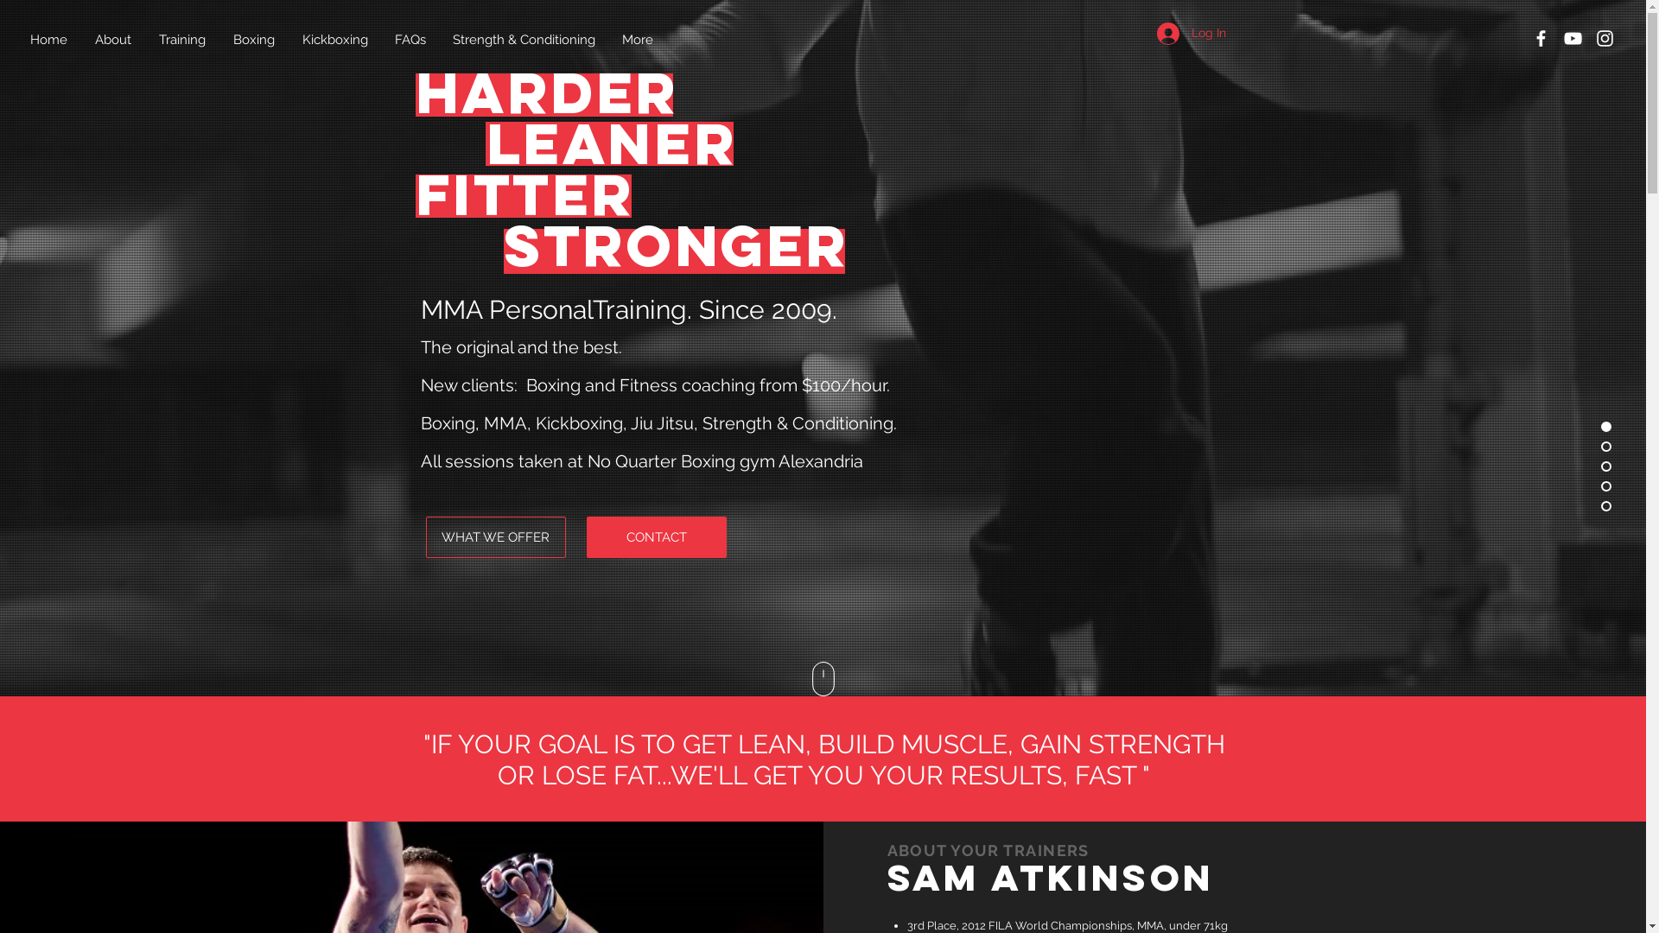 The image size is (1659, 933). I want to click on 'Log In', so click(1189, 33).